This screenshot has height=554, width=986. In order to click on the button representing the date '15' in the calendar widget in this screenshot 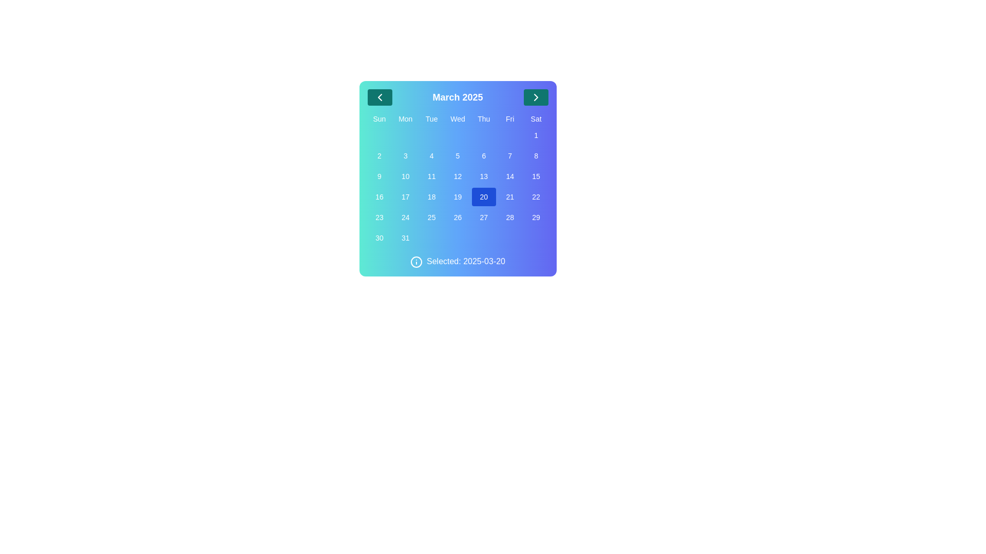, I will do `click(536, 175)`.